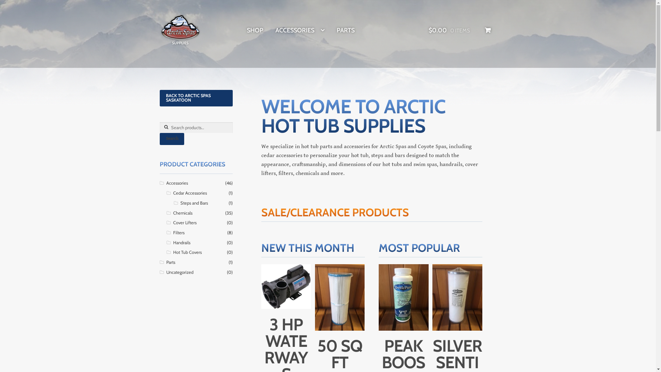 The image size is (661, 372). I want to click on 'ACCESSORIES', so click(300, 30).